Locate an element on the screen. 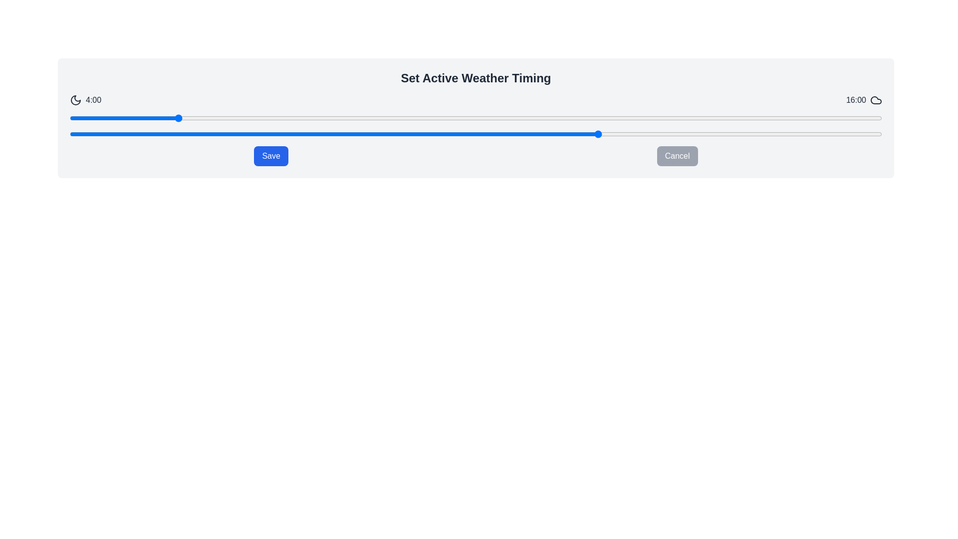 The height and width of the screenshot is (539, 958). the slider is located at coordinates (352, 134).